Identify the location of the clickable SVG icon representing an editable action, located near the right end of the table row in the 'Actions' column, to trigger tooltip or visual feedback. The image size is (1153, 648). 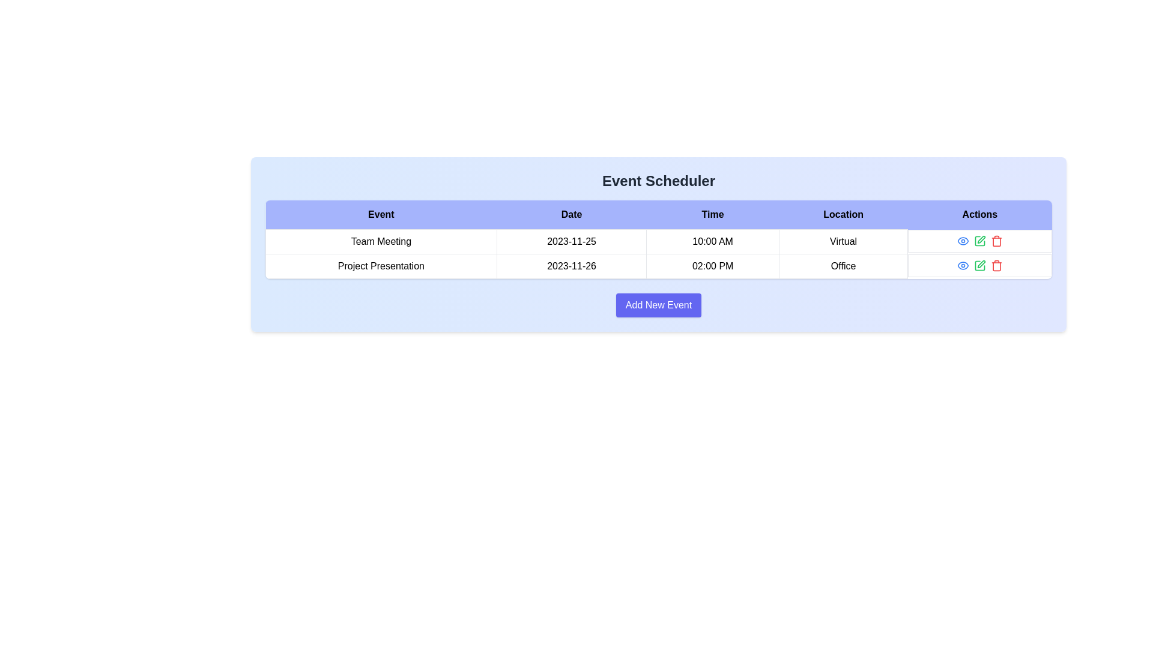
(980, 265).